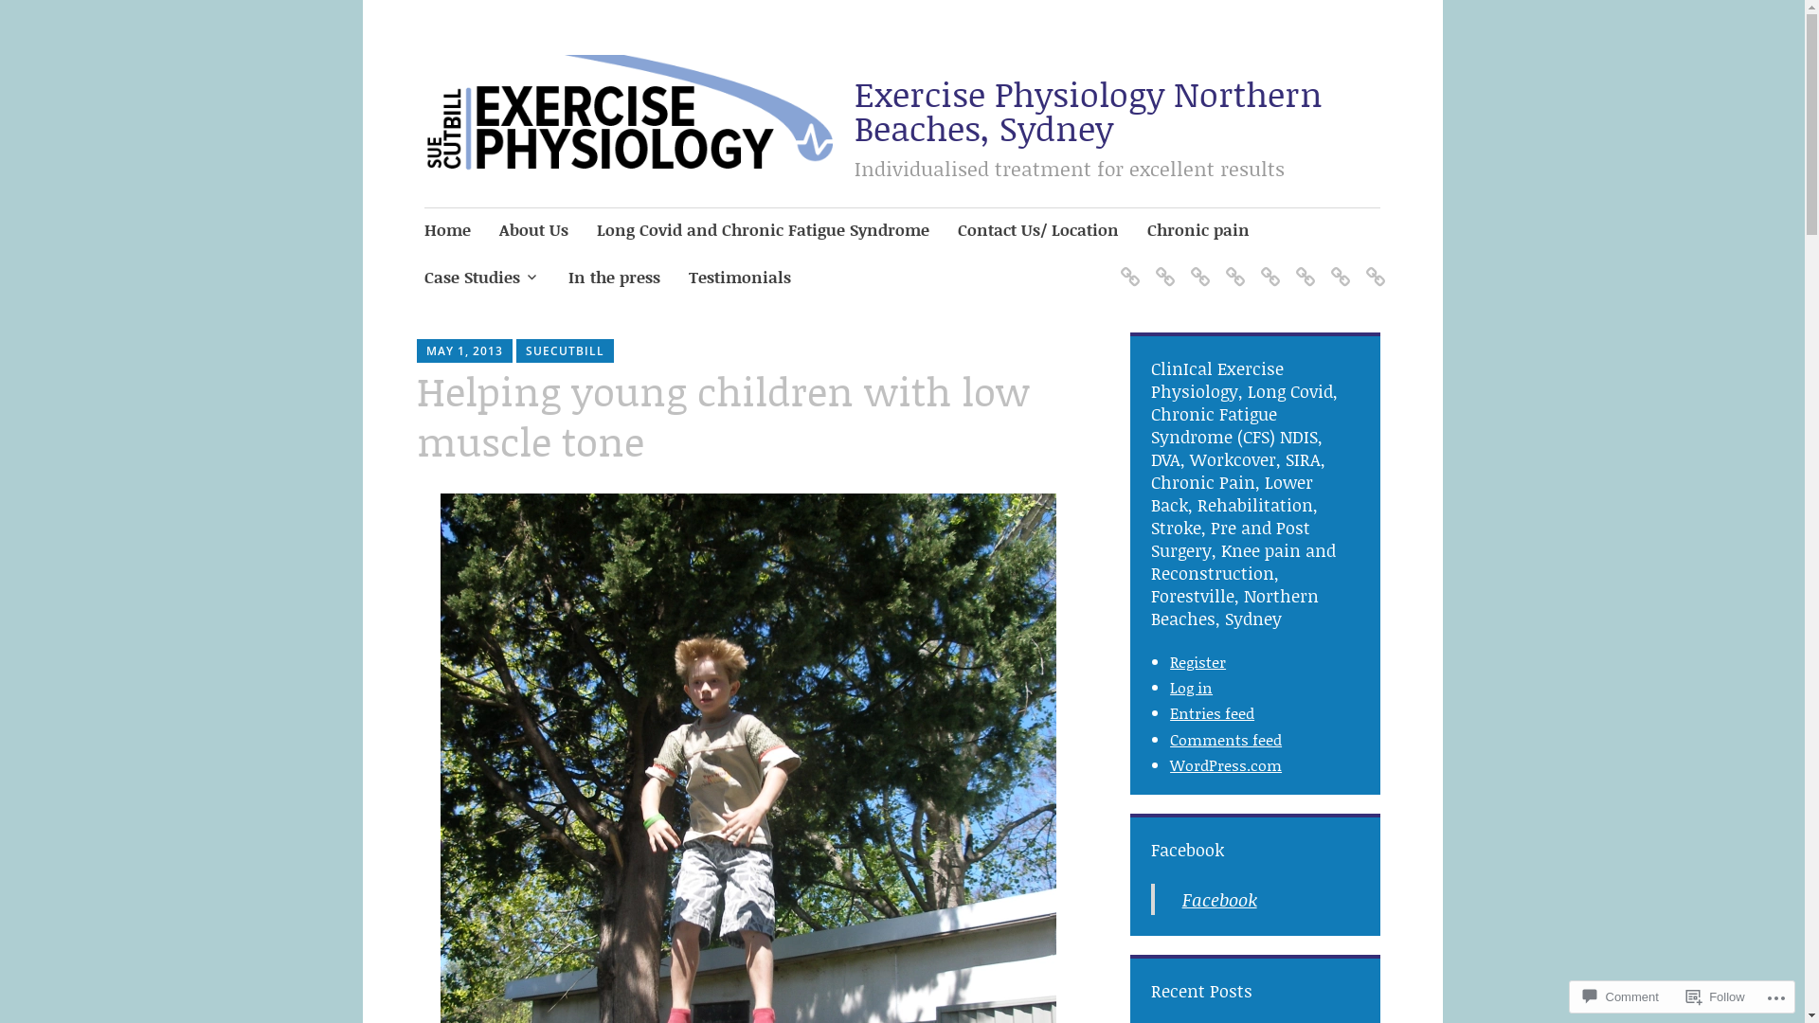 This screenshot has width=1819, height=1023. Describe the element at coordinates (1715, 996) in the screenshot. I see `'Follow'` at that location.